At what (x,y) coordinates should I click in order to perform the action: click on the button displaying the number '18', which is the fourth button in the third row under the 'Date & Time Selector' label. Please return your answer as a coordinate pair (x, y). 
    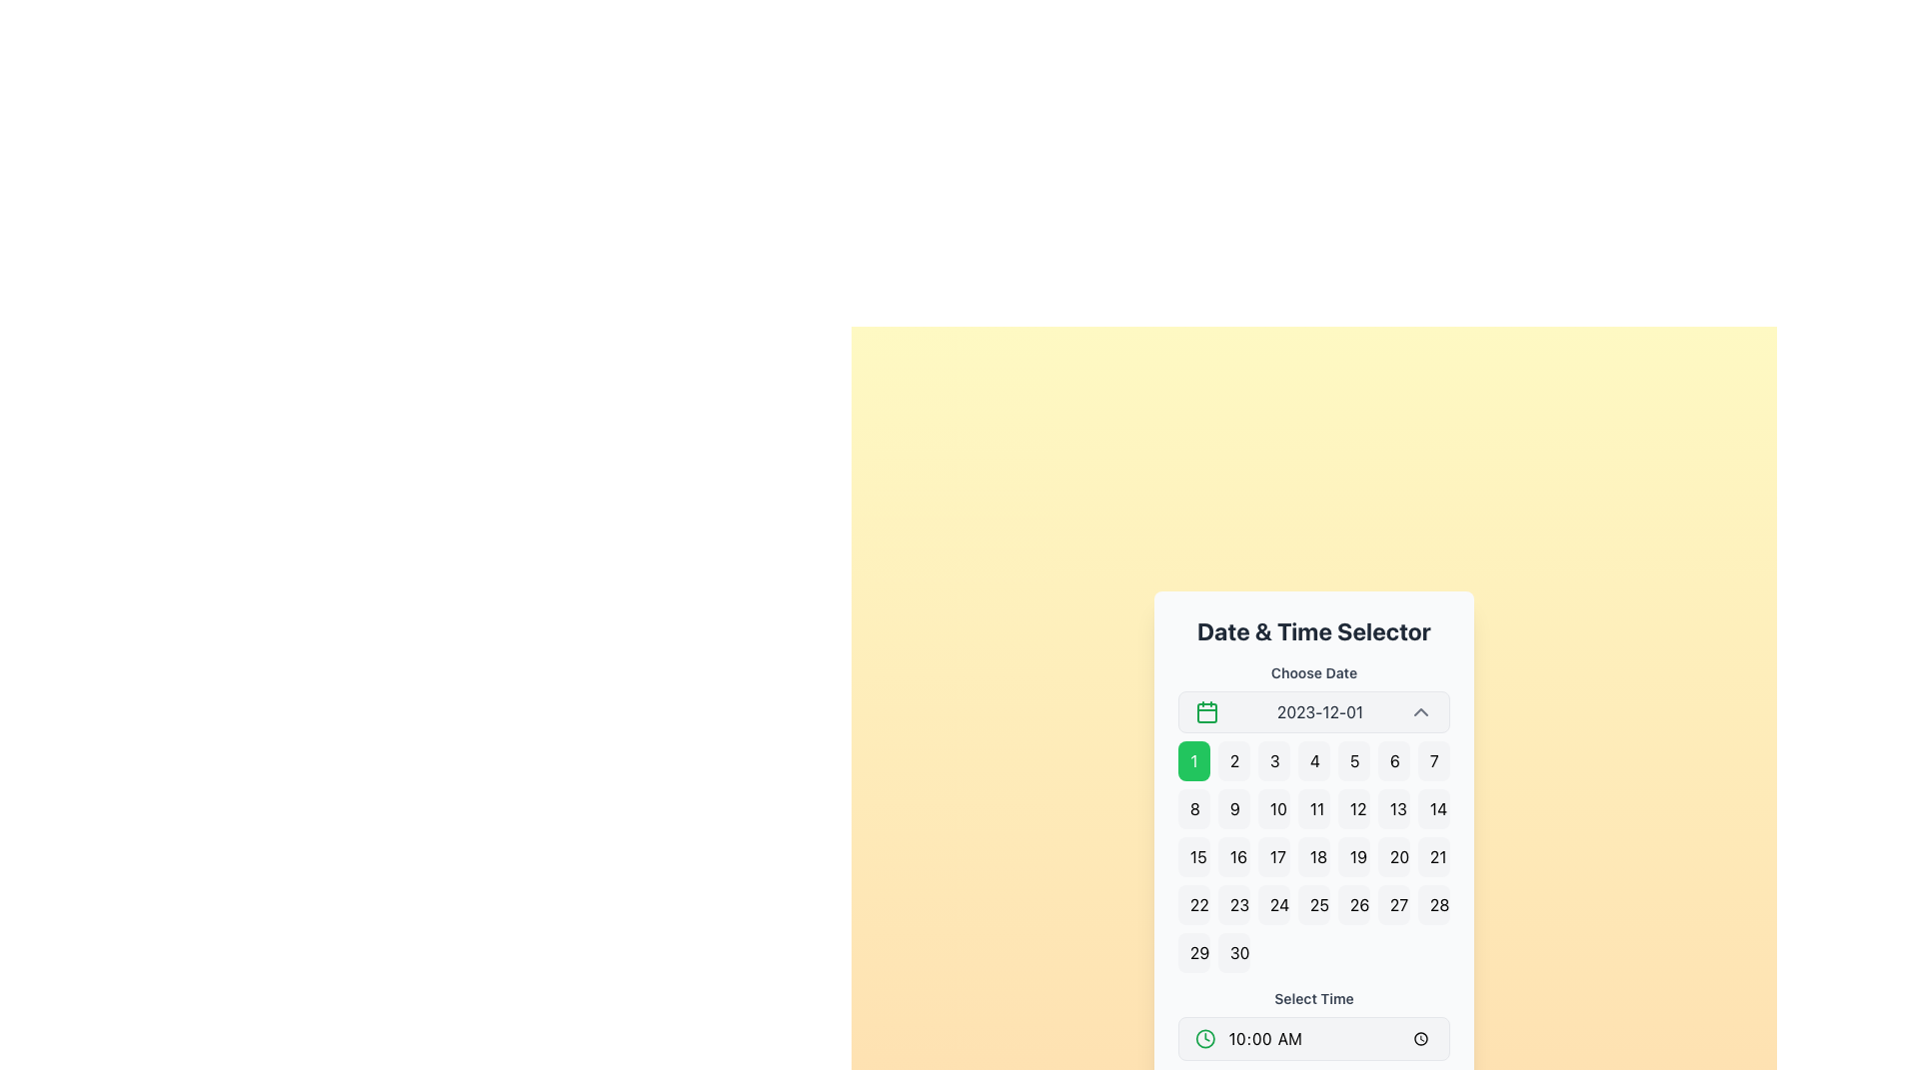
    Looking at the image, I should click on (1314, 855).